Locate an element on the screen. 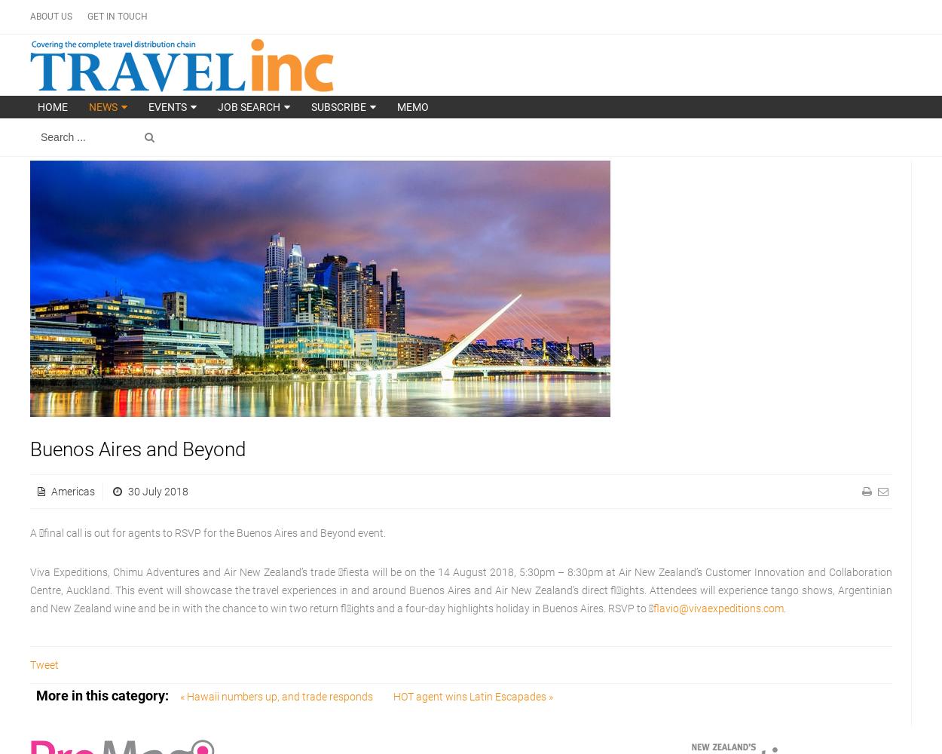 This screenshot has width=942, height=754. 'Viva Expeditions, Chimu Adventures and Air New Zealand’s trade fiesta will be on the 14 August 2018, 5:30pm – 8:30pm at Air New Zealand’s Customer Innovation and Collaboration Centre, Auckland. This event will showcase the travel experiences in and around Buenos Aires and Air New Zealand’s direct flights. Attendees will experience tango shows, Argentinian and New Zealand wine and be in with the chance to win two return flights and a four-day highlights holiday in Buenos Aires. RSVP to ' is located at coordinates (460, 590).